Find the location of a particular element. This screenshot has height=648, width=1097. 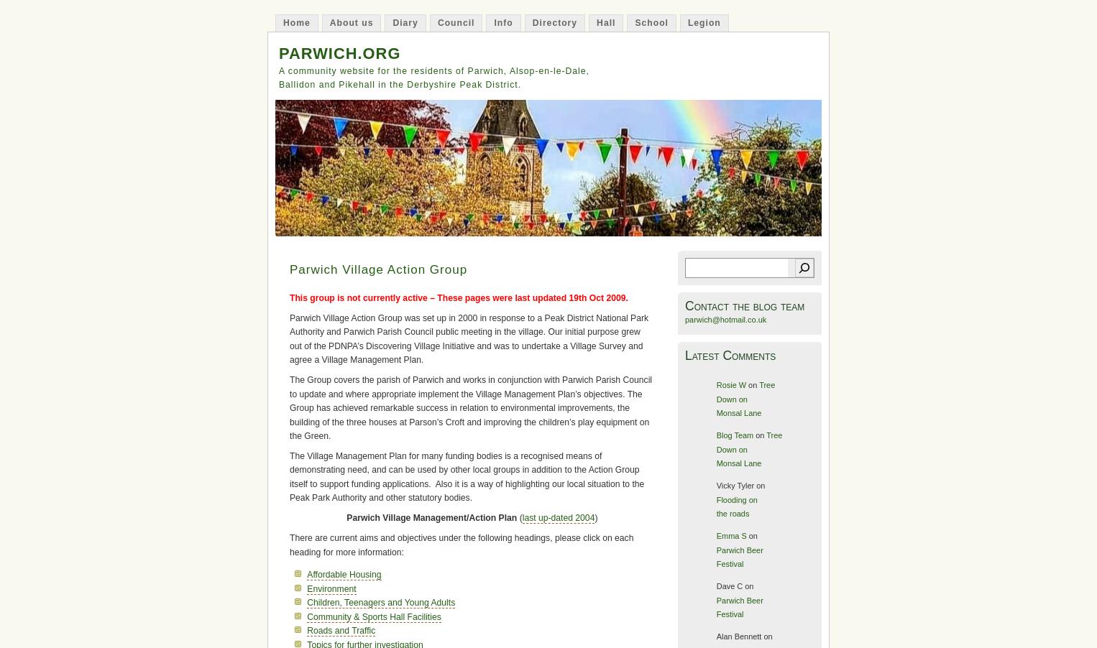

'Environment' is located at coordinates (306, 588).